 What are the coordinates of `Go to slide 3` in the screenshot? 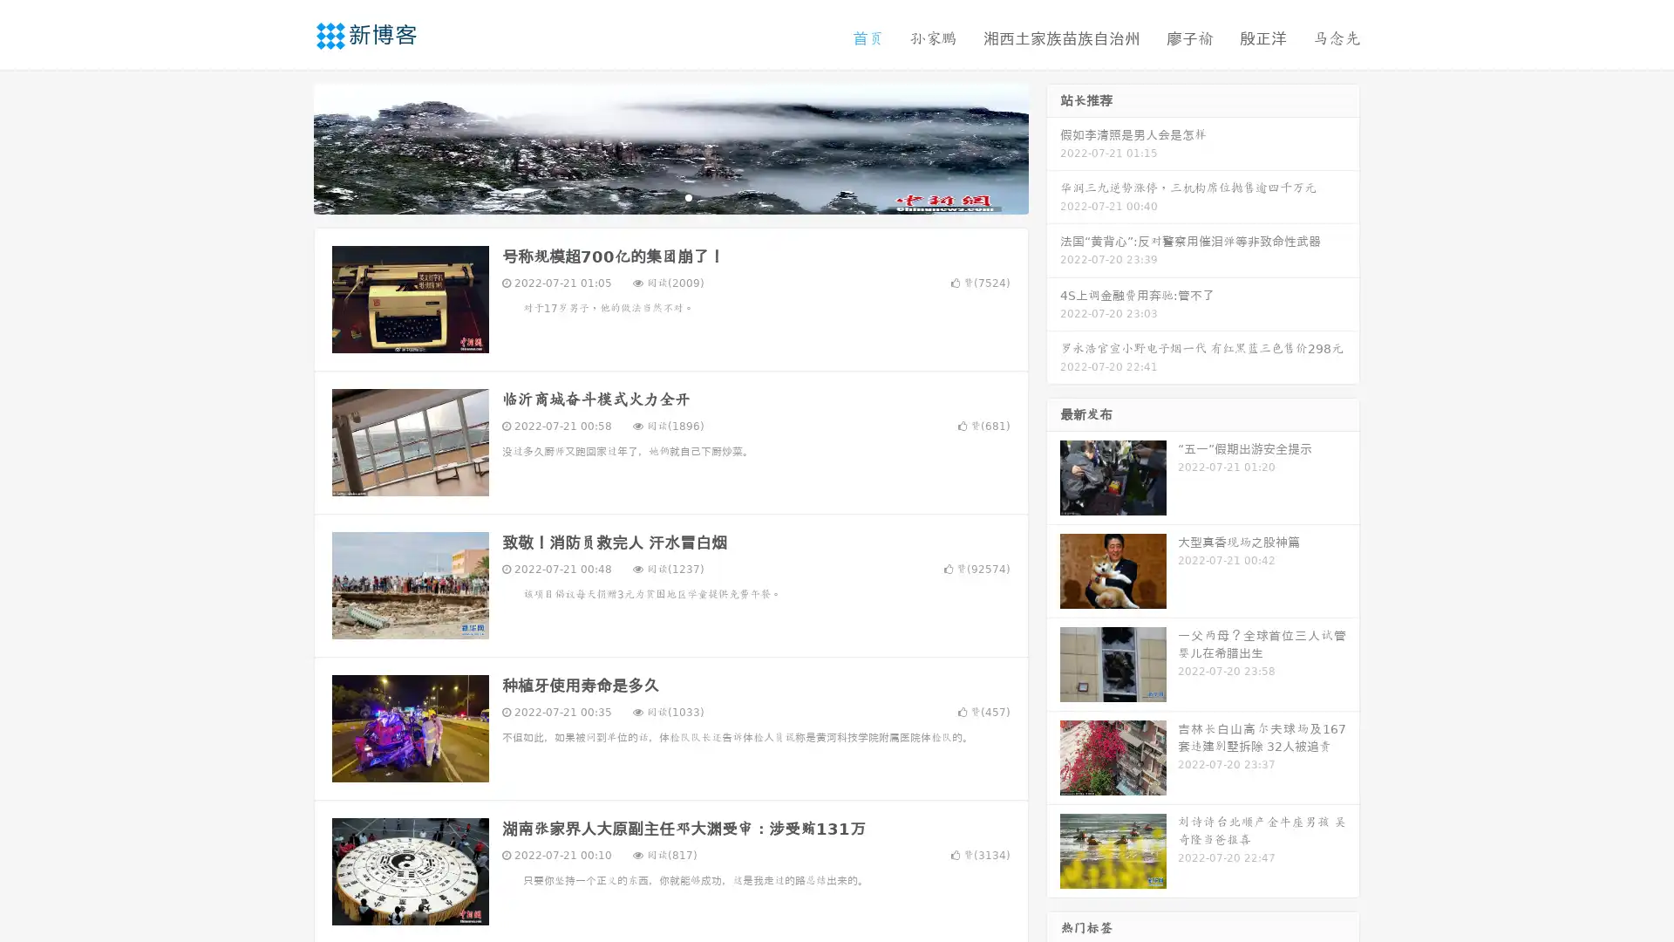 It's located at (688, 196).